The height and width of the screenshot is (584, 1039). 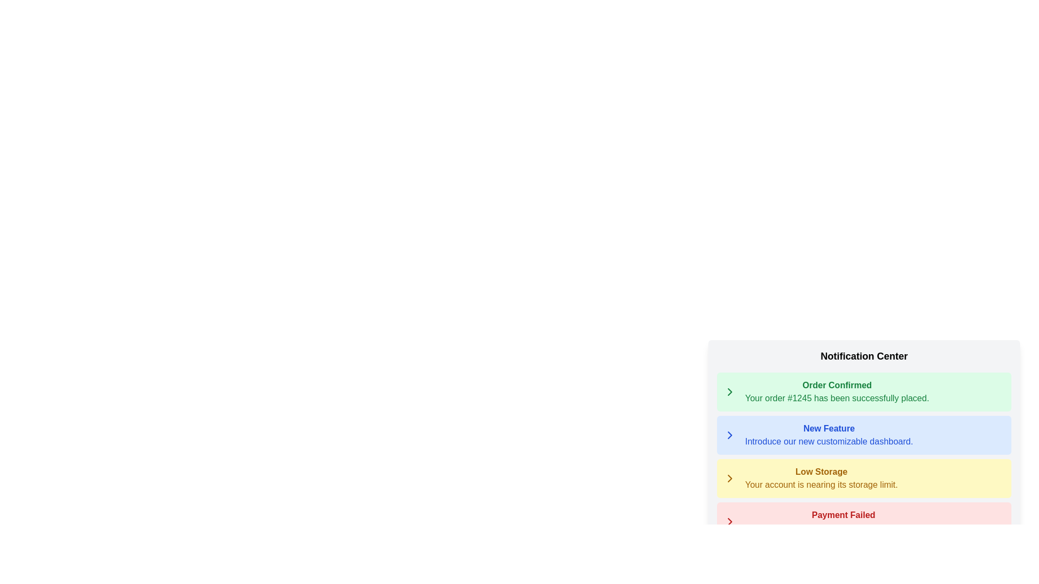 What do you see at coordinates (864, 435) in the screenshot?
I see `the Notification Card, which is the second item in the vertical list of notifications, located below the 'Order Confirmed' notification and above the 'Low Storage' notification` at bounding box center [864, 435].